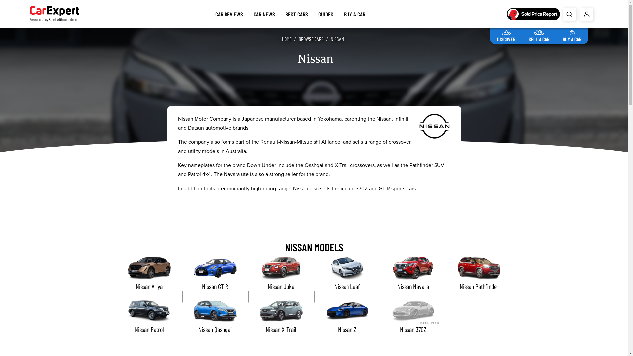 The width and height of the screenshot is (633, 356). What do you see at coordinates (354, 13) in the screenshot?
I see `'BUY A CAR'` at bounding box center [354, 13].